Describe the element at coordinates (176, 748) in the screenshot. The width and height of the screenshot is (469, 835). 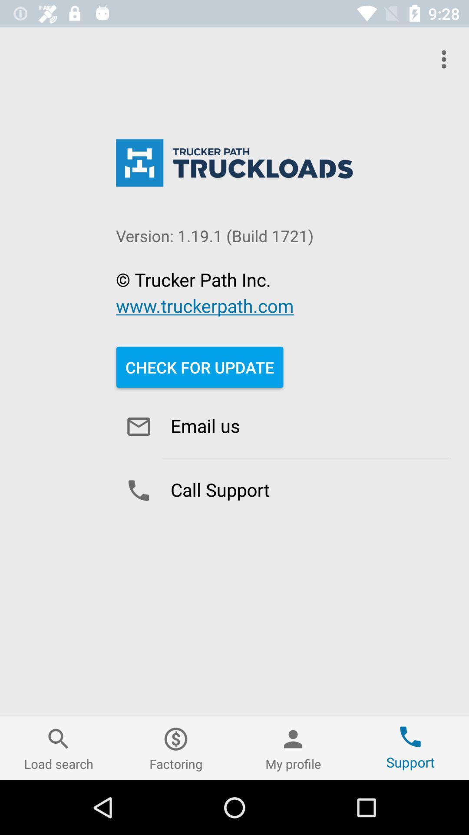
I see `the icon to the left of the my profile icon` at that location.